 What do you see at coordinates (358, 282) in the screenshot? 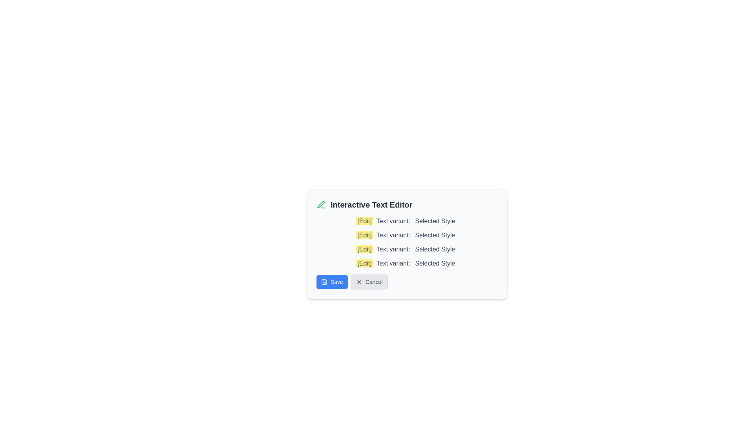
I see `the small 'X' icon located within the 'Cancel' button` at bounding box center [358, 282].